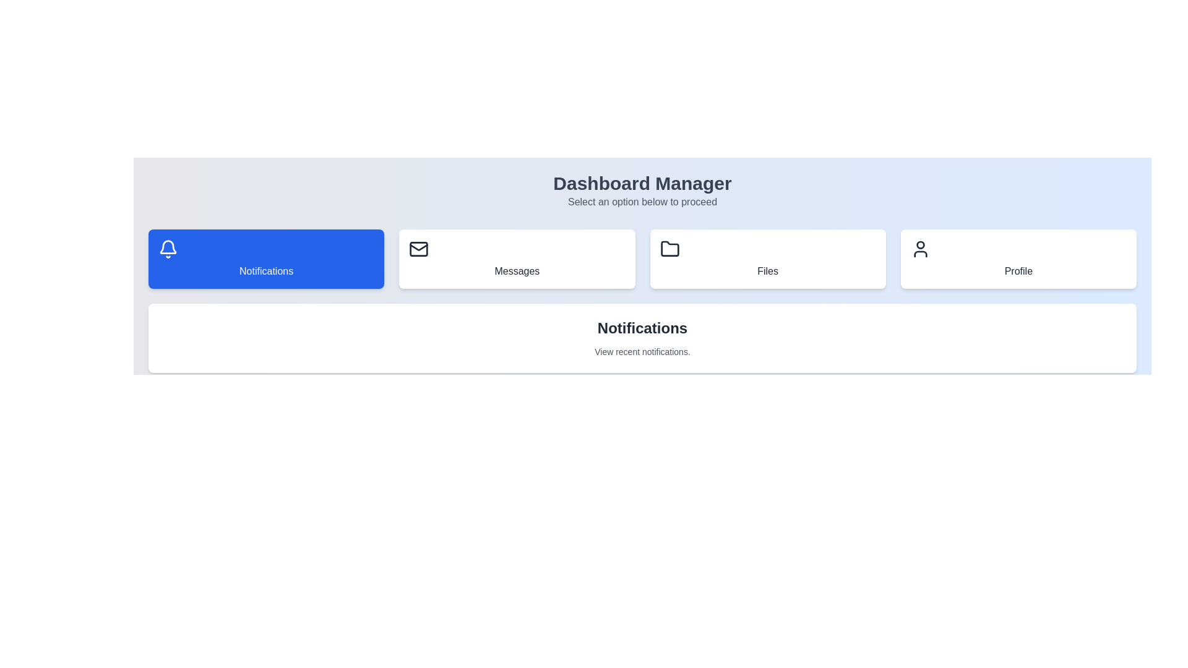 The height and width of the screenshot is (668, 1188). What do you see at coordinates (168, 249) in the screenshot?
I see `the bell icon as part of the Notifications button located` at bounding box center [168, 249].